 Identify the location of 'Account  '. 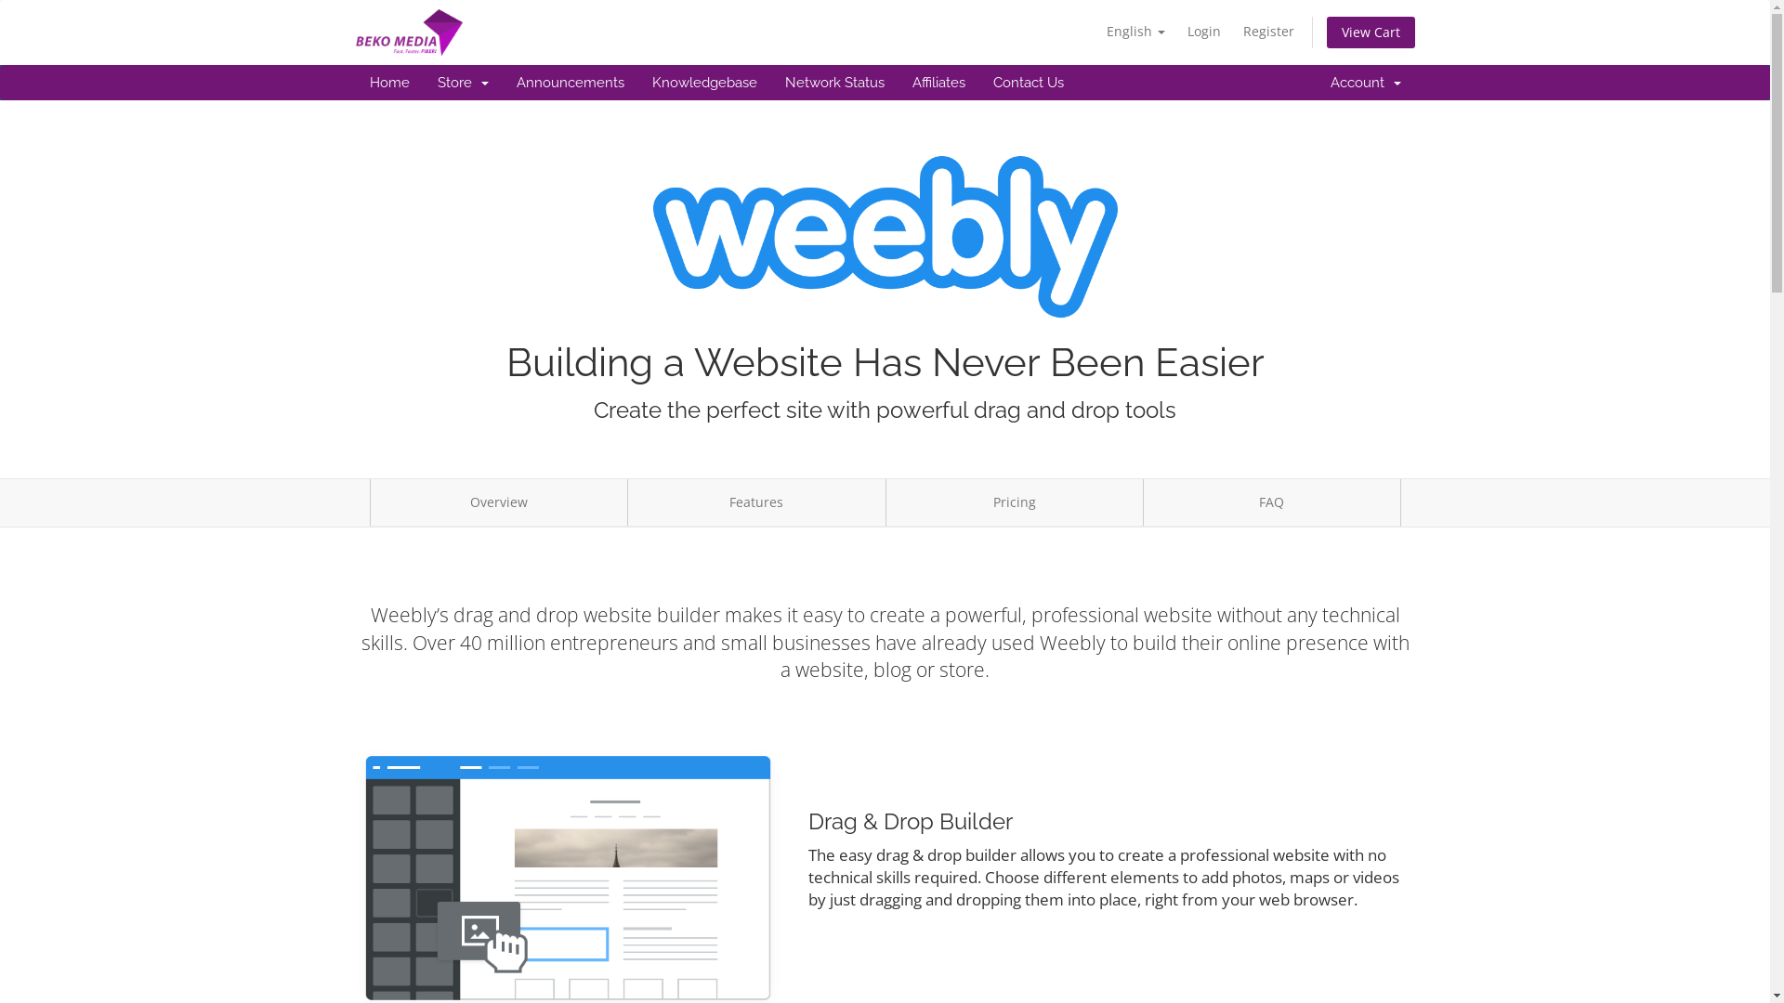
(1364, 81).